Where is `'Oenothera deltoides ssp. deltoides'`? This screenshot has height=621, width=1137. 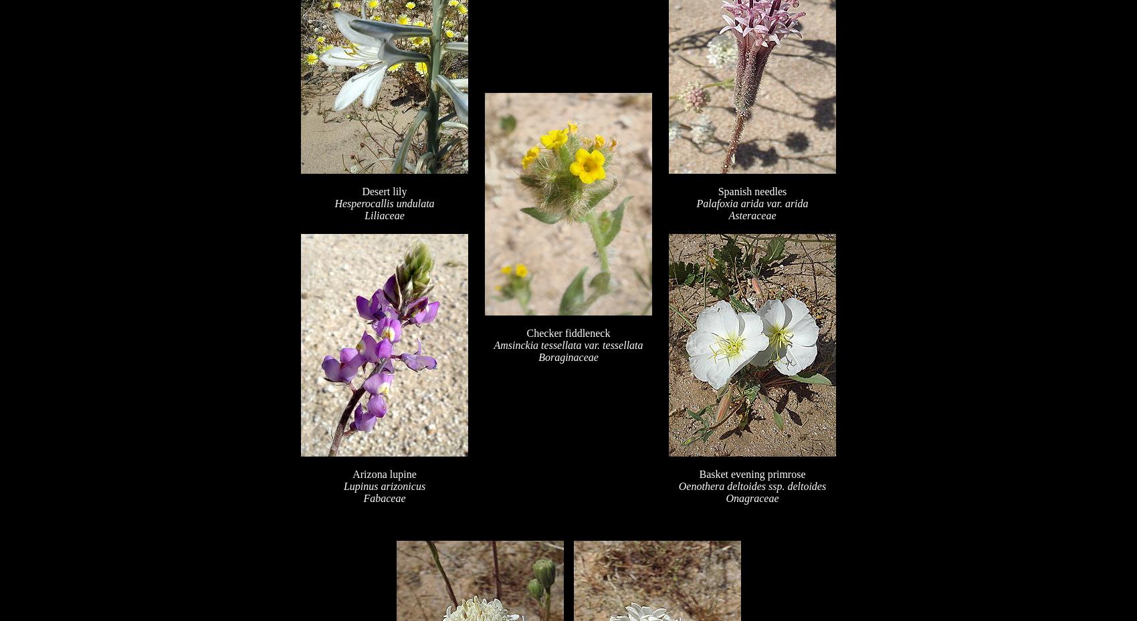
'Oenothera deltoides ssp. deltoides' is located at coordinates (752, 486).